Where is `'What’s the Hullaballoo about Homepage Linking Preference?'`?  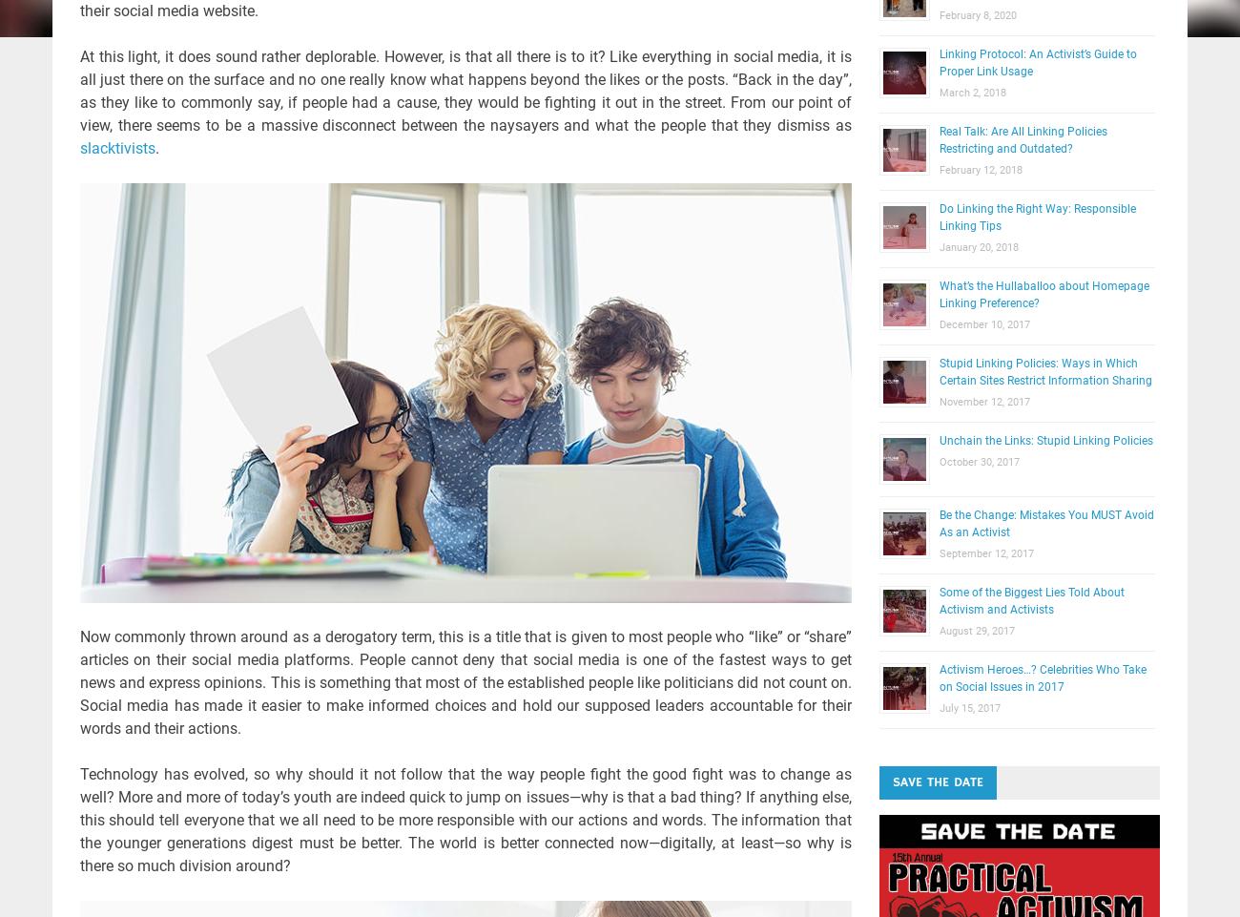 'What’s the Hullaballoo about Homepage Linking Preference?' is located at coordinates (1042, 294).